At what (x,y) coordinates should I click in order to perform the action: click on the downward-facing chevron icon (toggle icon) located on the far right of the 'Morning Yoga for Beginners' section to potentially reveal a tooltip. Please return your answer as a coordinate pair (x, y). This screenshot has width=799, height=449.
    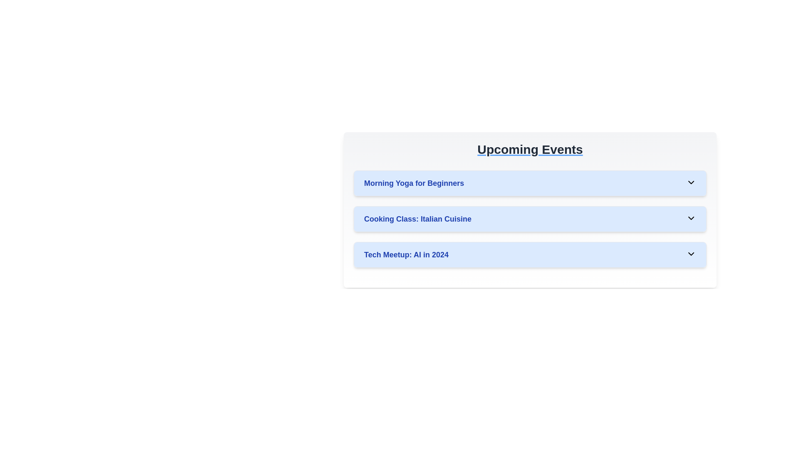
    Looking at the image, I should click on (691, 182).